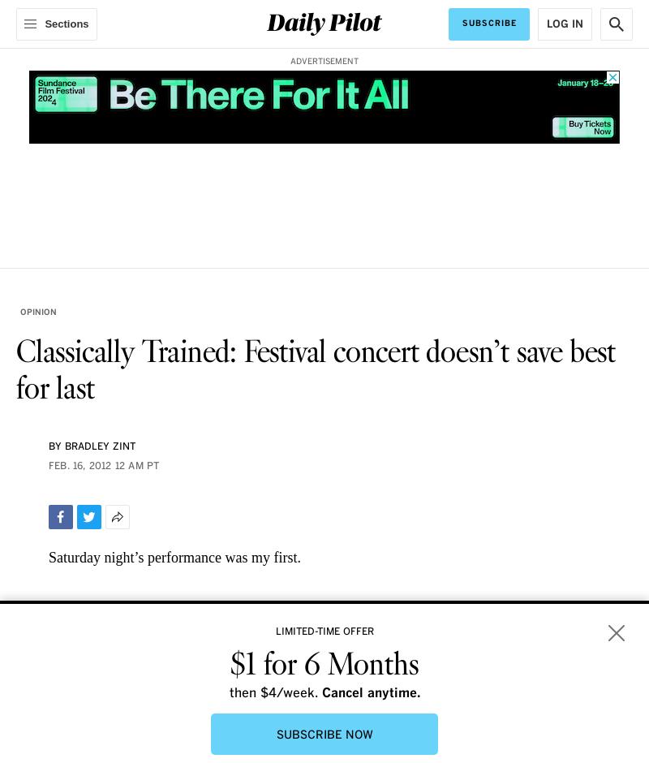 Image resolution: width=649 pixels, height=763 pixels. What do you see at coordinates (565, 24) in the screenshot?
I see `'Log In'` at bounding box center [565, 24].